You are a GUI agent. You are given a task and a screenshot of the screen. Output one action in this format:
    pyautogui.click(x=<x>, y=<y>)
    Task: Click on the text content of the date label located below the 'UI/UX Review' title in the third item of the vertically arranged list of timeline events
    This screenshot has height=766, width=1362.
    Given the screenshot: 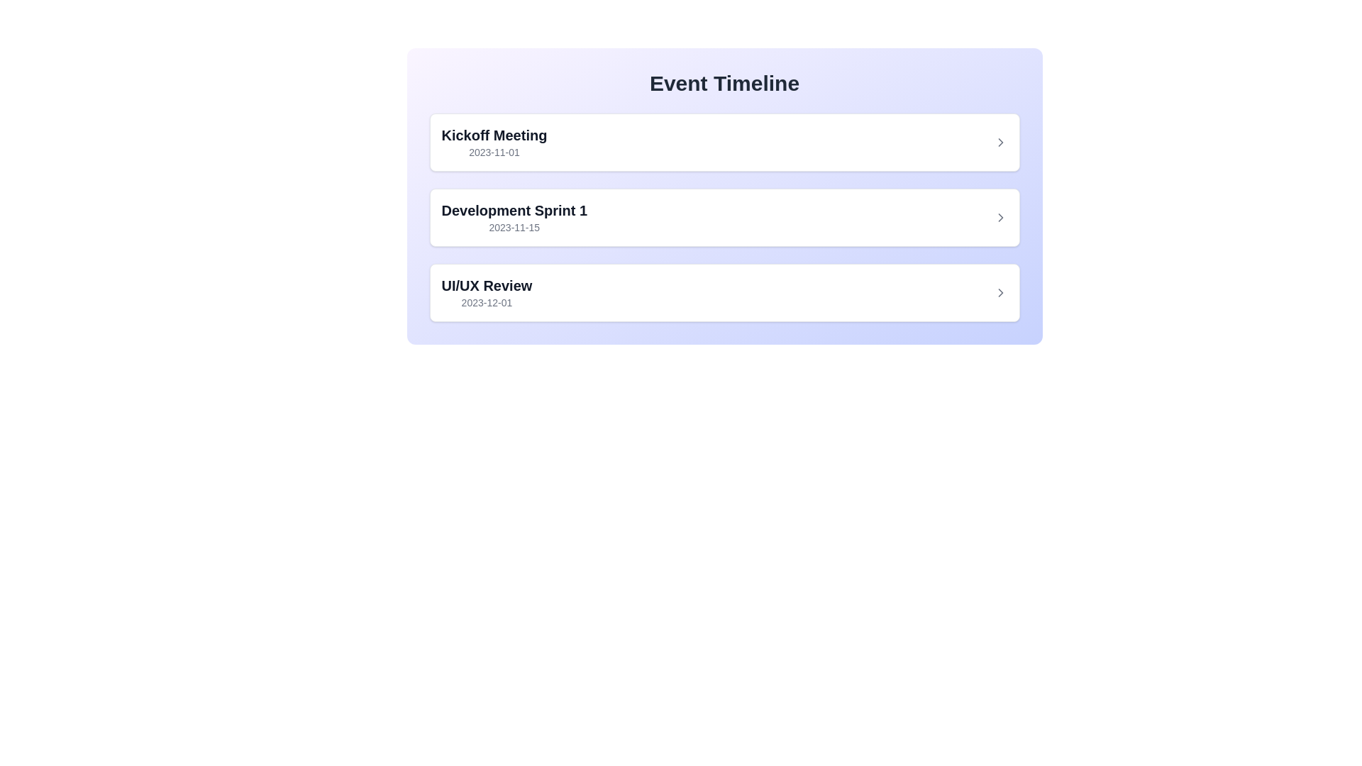 What is the action you would take?
    pyautogui.click(x=487, y=302)
    